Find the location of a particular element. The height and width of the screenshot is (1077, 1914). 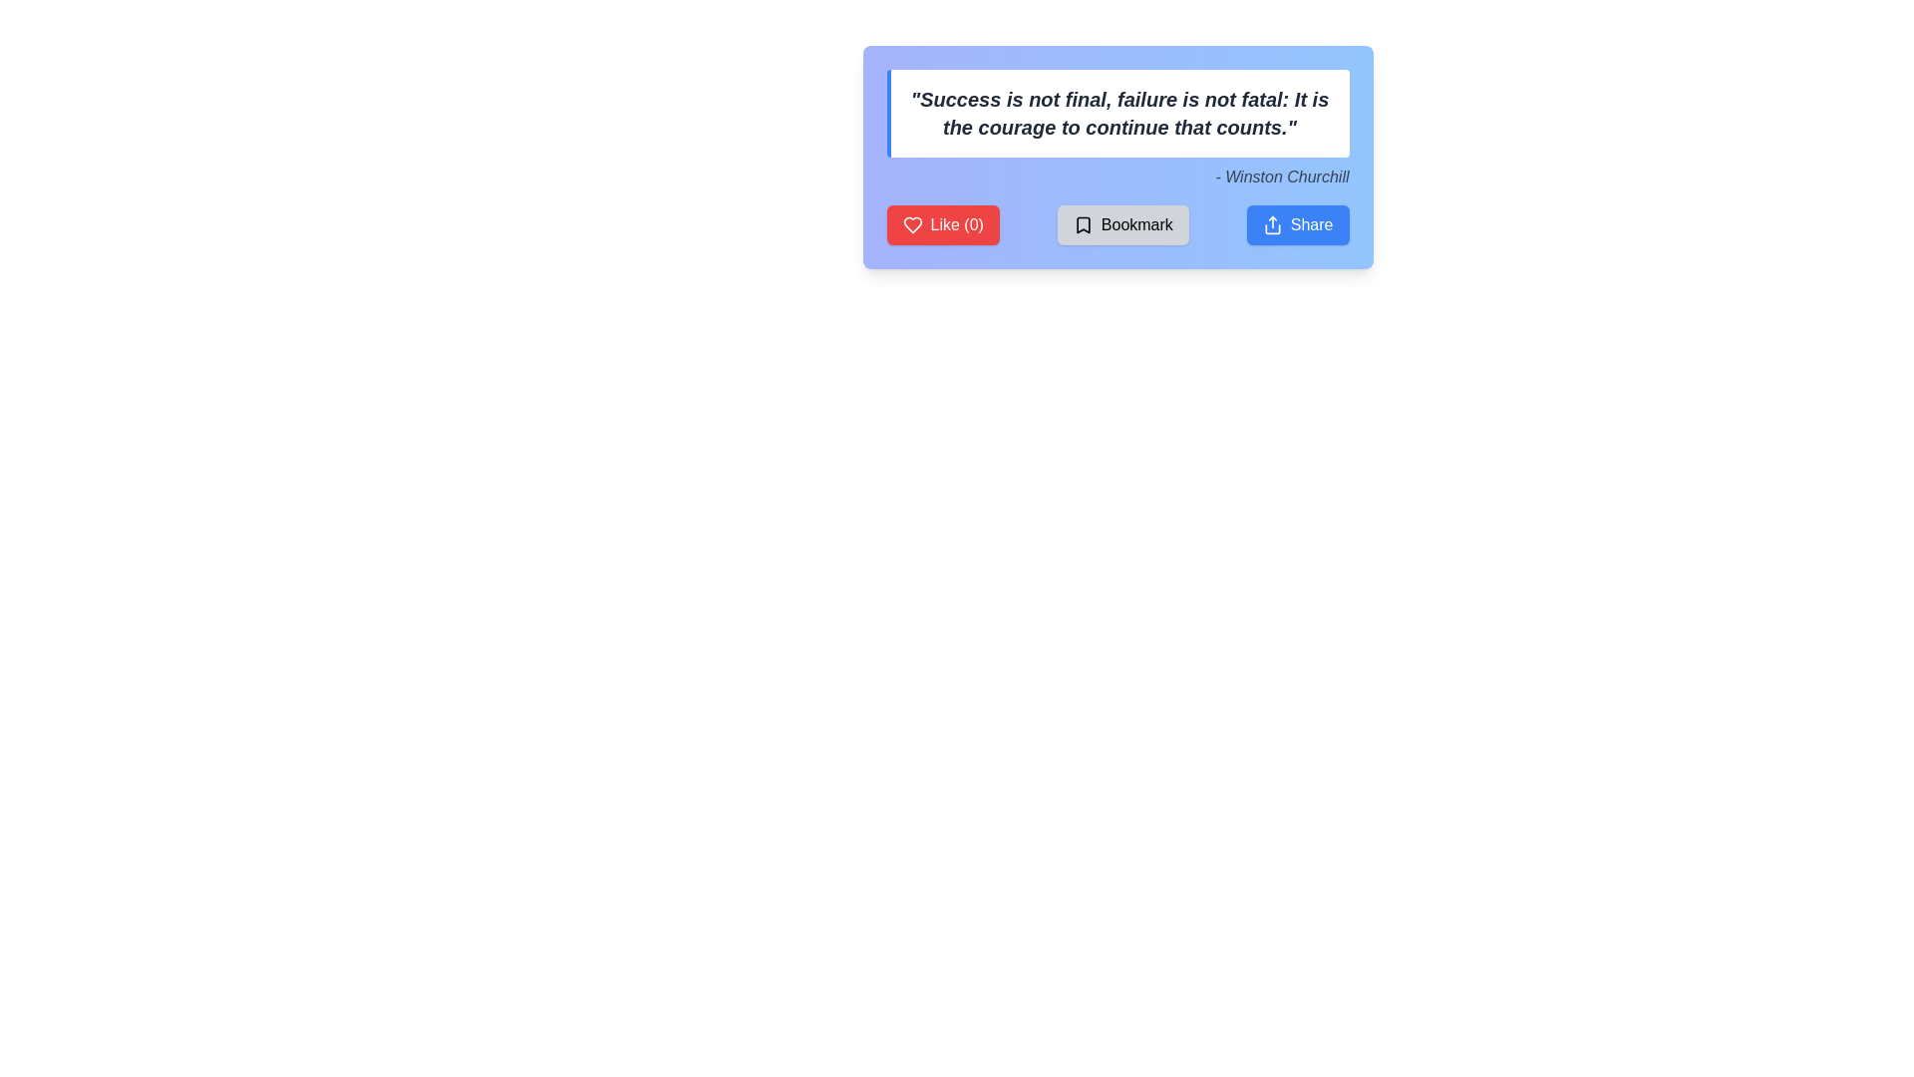

the bookmark button located between the 'Like' button on the left and the 'Share' button on the right, positioned below a quote section is located at coordinates (1122, 224).